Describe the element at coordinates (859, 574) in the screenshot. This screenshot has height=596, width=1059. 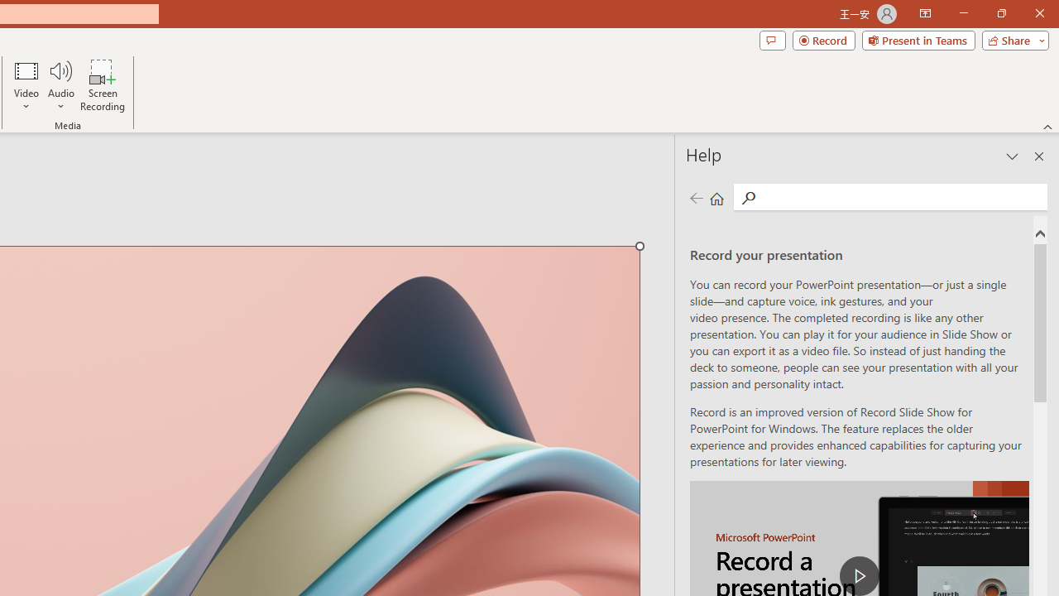
I see `'play Record a Presentation'` at that location.